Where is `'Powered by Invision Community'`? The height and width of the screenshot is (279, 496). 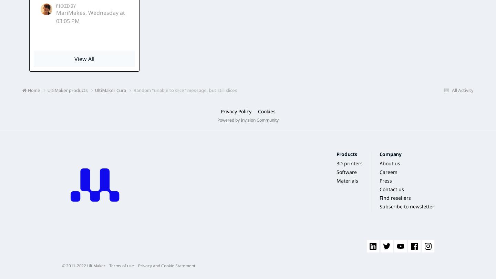 'Powered by Invision Community' is located at coordinates (248, 120).